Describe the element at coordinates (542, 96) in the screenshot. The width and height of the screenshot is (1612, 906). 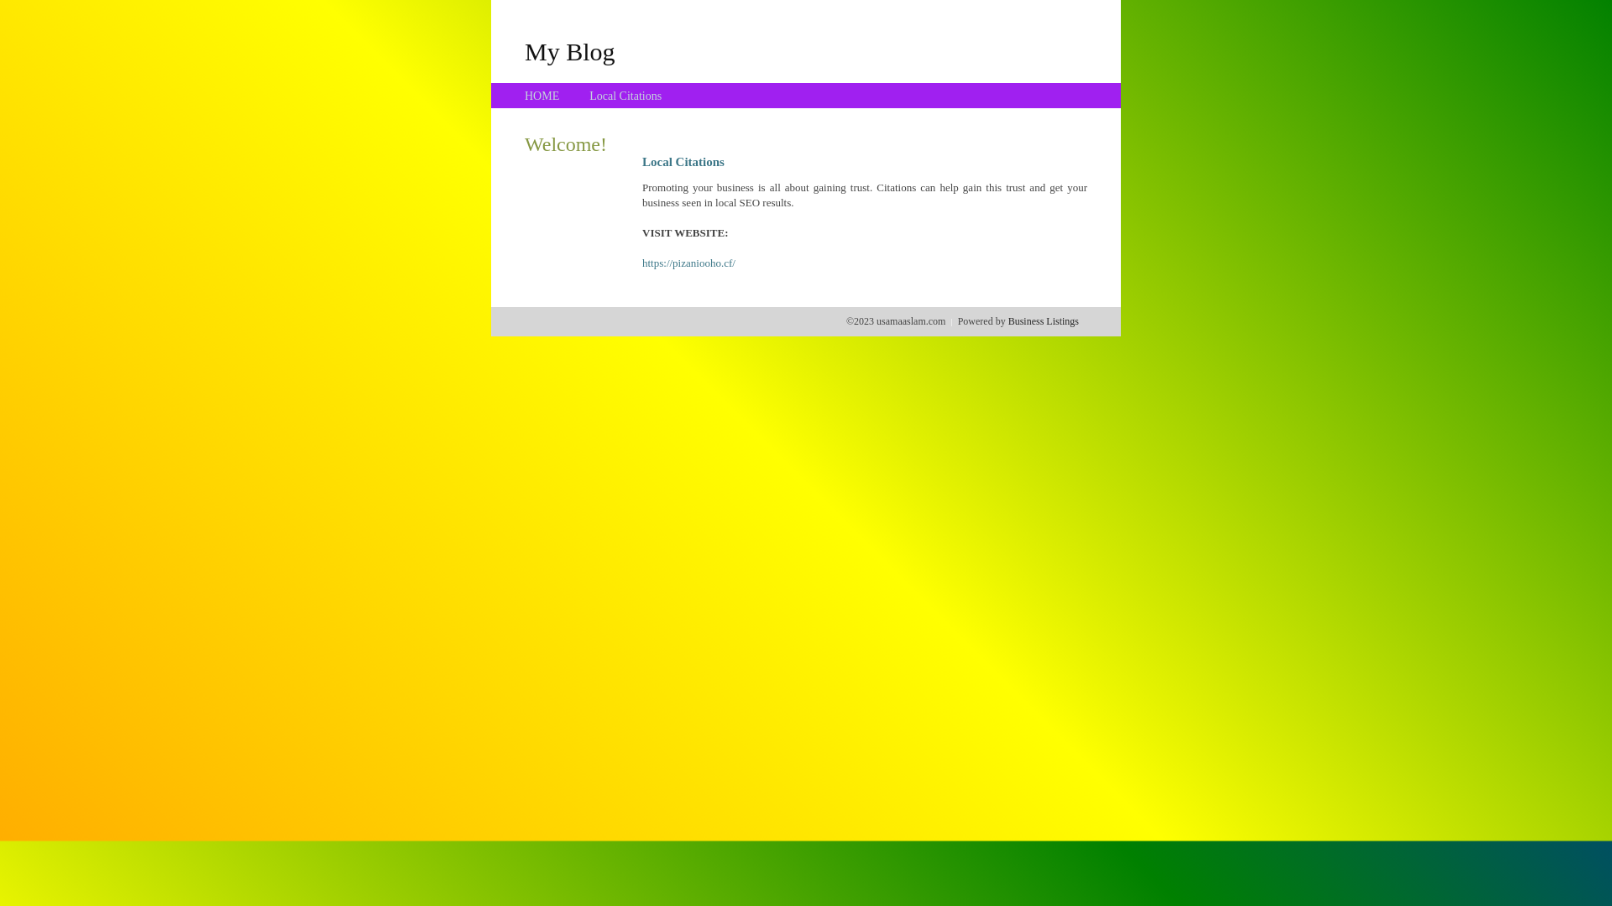
I see `'HOME'` at that location.